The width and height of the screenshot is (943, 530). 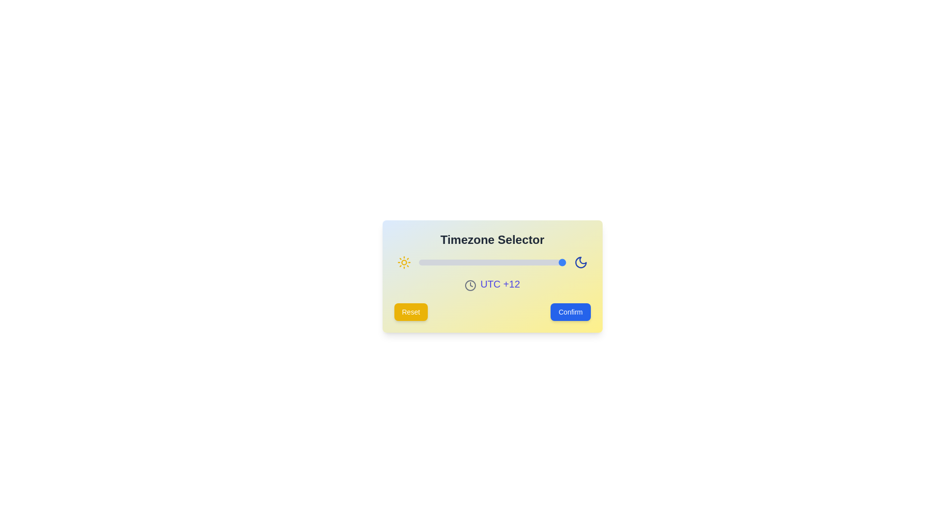 I want to click on the slider to set the timezone to -1, so click(x=486, y=262).